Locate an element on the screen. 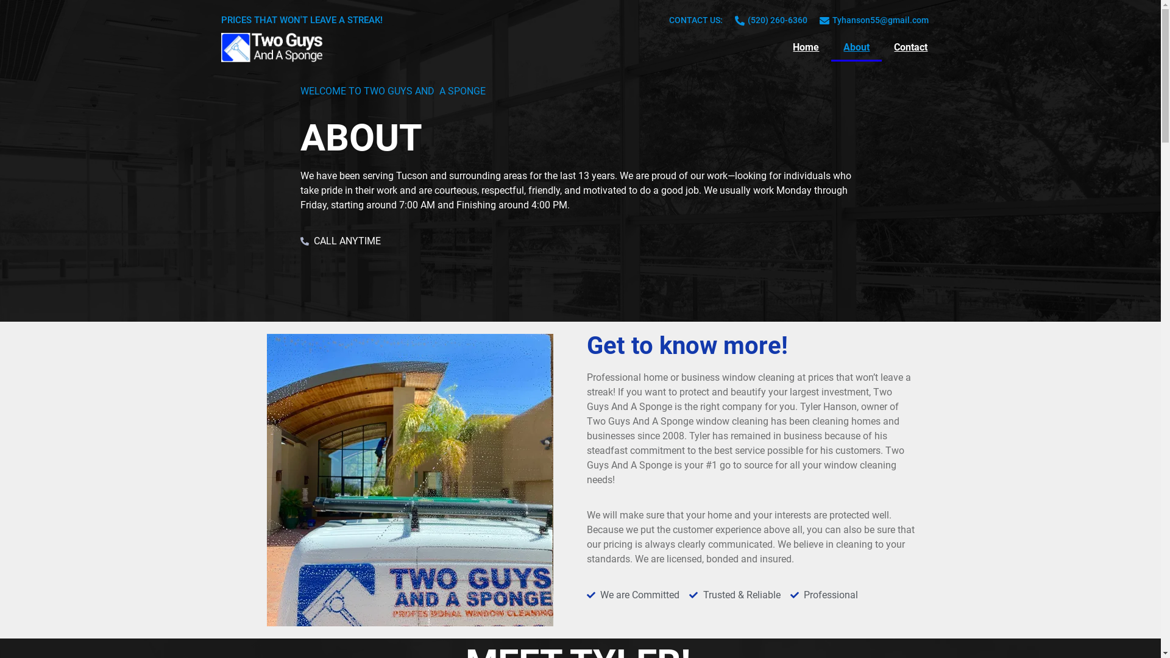 This screenshot has width=1170, height=658. 'Contact' is located at coordinates (910, 46).